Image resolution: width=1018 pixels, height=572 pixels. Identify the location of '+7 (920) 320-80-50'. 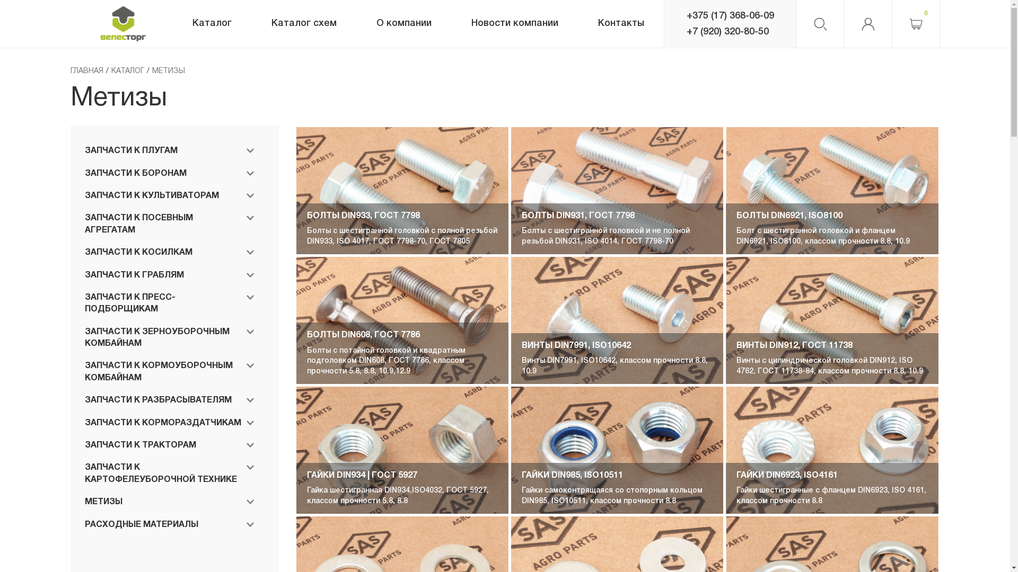
(686, 31).